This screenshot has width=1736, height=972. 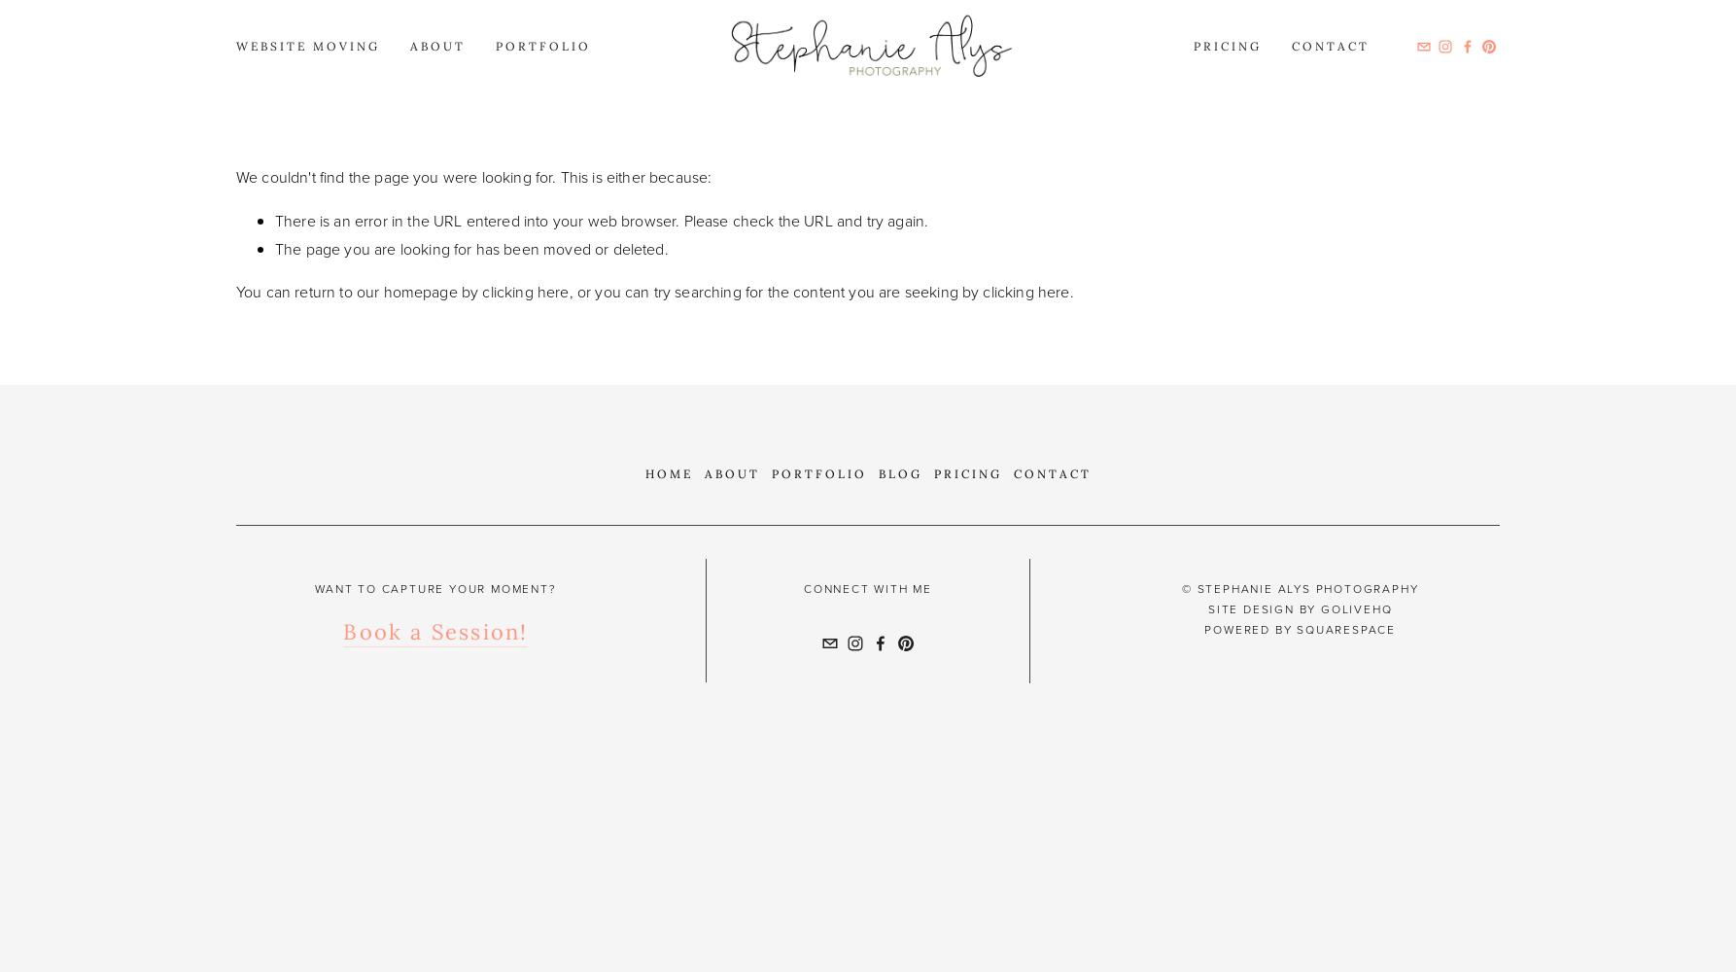 I want to click on 'We couldn't find the page you were looking for. This is either because:', so click(x=472, y=177).